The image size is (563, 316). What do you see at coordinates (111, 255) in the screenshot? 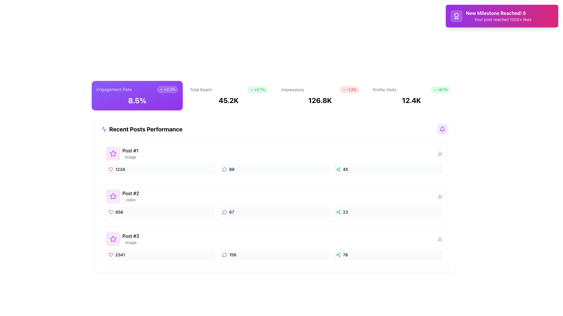
I see `the like or favorite icon located in the left portion of the entry for Post #3 in the Recent Posts Performance section, positioned to the left of the number 2341` at bounding box center [111, 255].